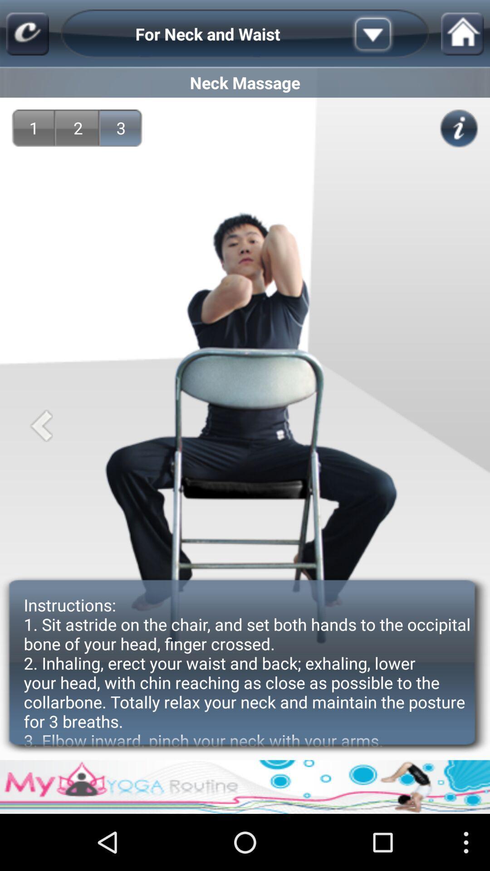 Image resolution: width=490 pixels, height=871 pixels. I want to click on the icon below 1 app, so click(41, 425).